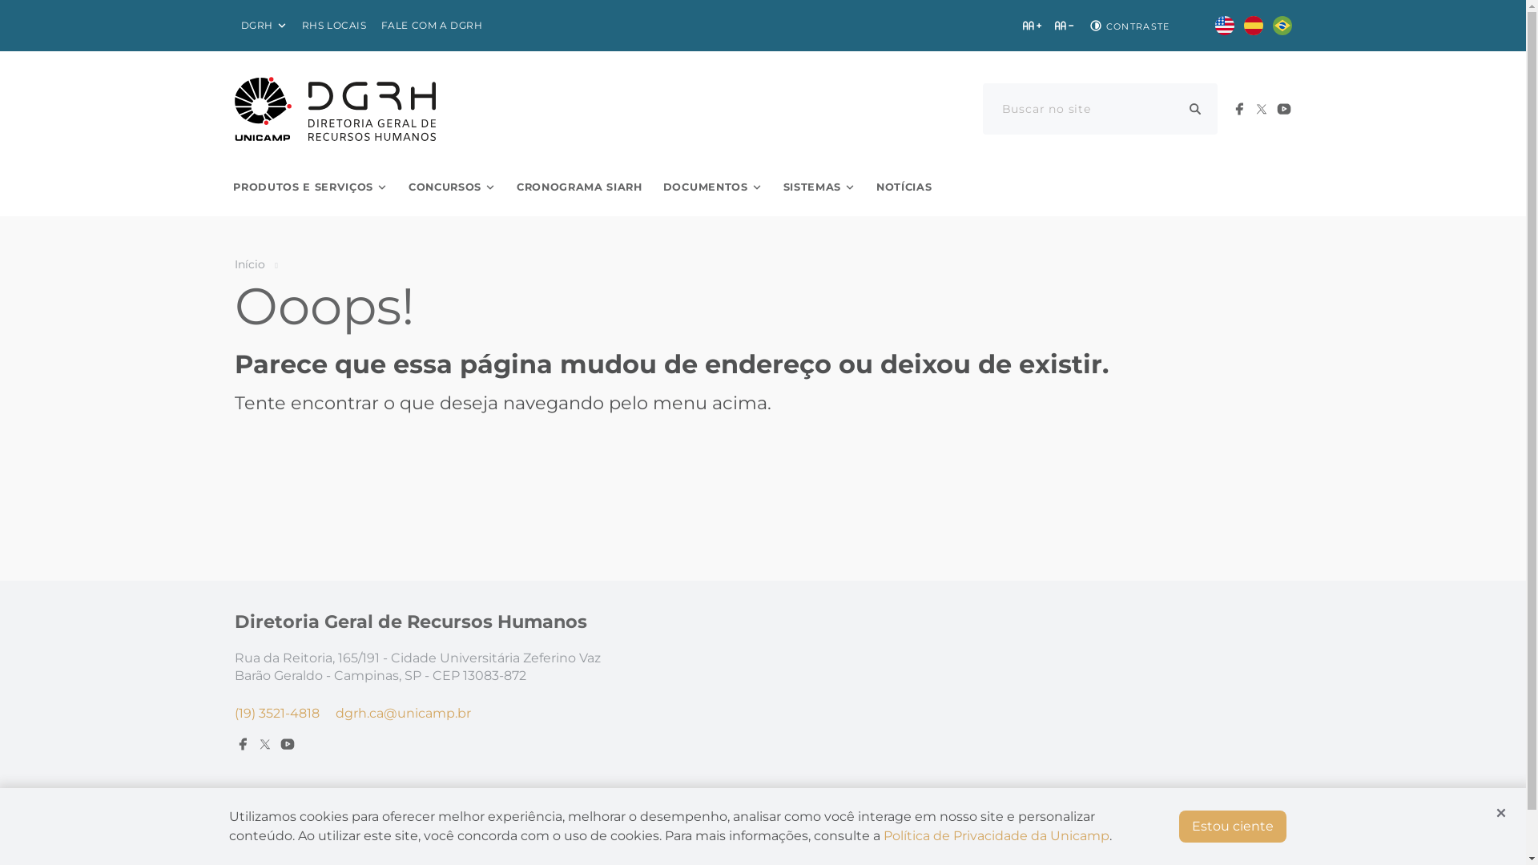 This screenshot has width=1538, height=865. Describe the element at coordinates (1195, 108) in the screenshot. I see `'Buscar'` at that location.